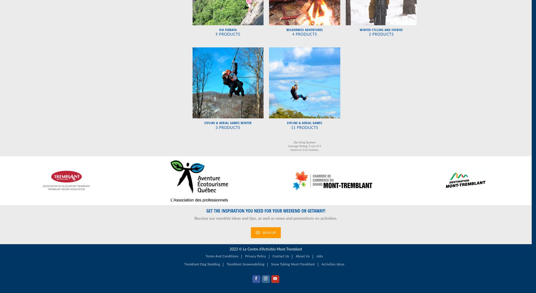 This screenshot has height=293, width=536. I want to click on 'Tremblant snowmobiliing', so click(245, 264).